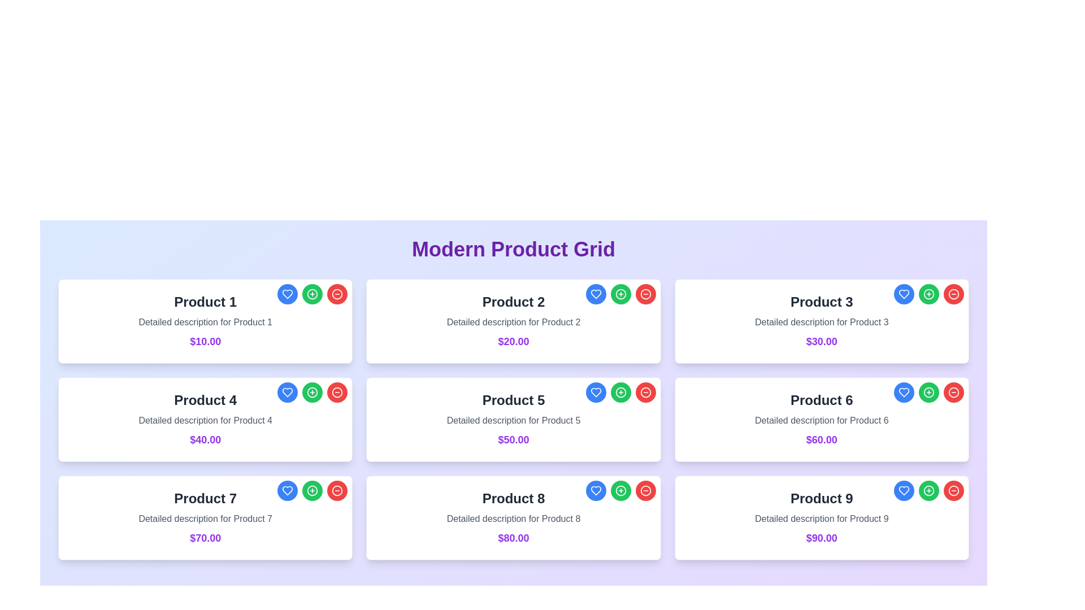 The width and height of the screenshot is (1085, 610). Describe the element at coordinates (313, 391) in the screenshot. I see `the 'Add to Cart' button for 'Product 4' located in the top-right corner of the product card` at that location.